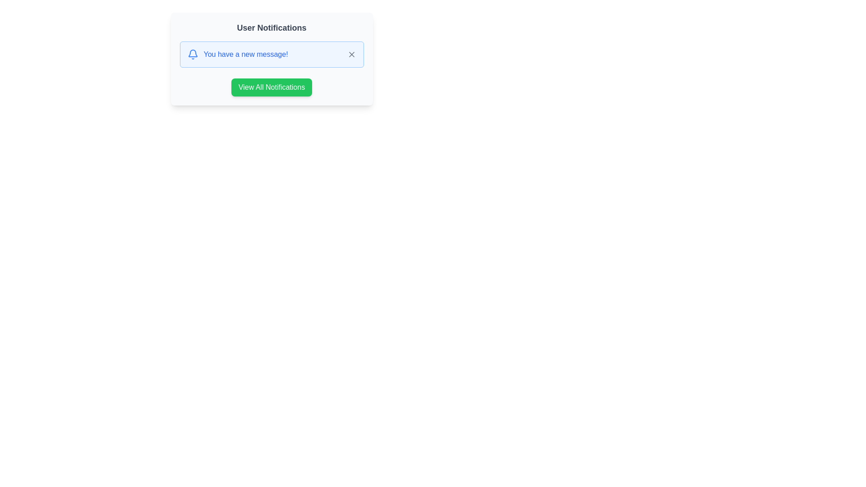 The height and width of the screenshot is (487, 866). Describe the element at coordinates (351, 54) in the screenshot. I see `the small gray button with an 'X' icon in the top-right corner of the notification card that reads 'You have a new message!' to change its color` at that location.